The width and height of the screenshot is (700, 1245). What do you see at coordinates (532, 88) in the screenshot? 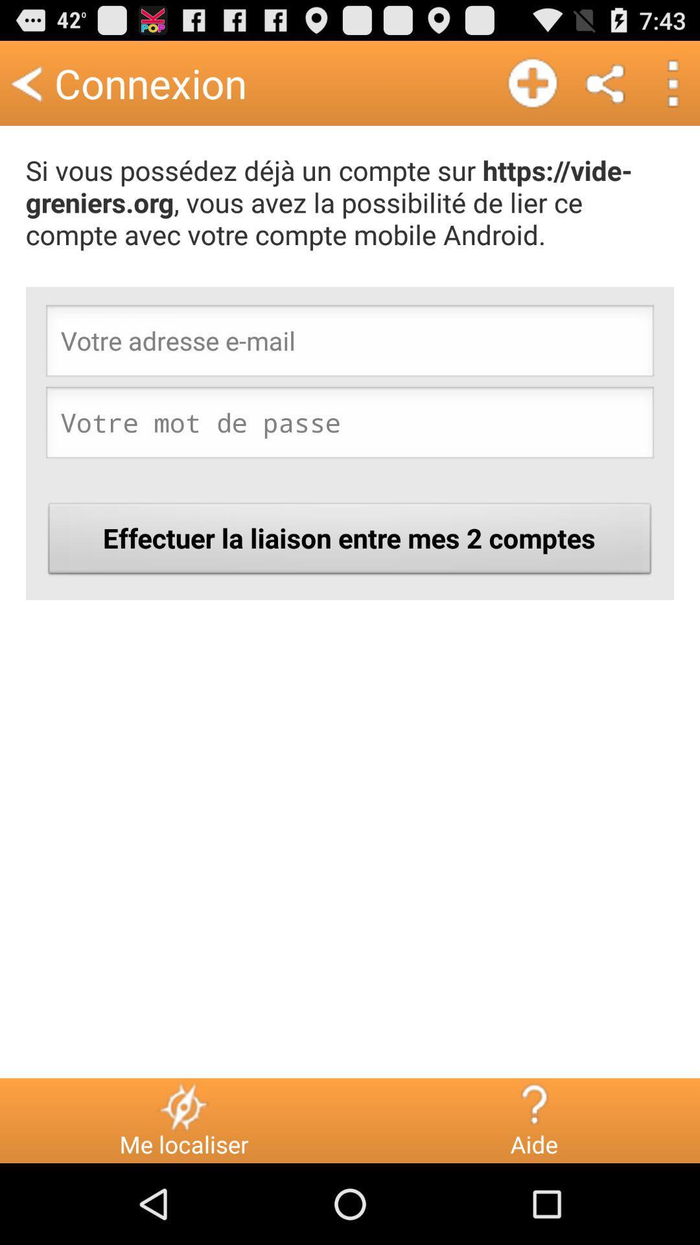
I see `the add icon` at bounding box center [532, 88].